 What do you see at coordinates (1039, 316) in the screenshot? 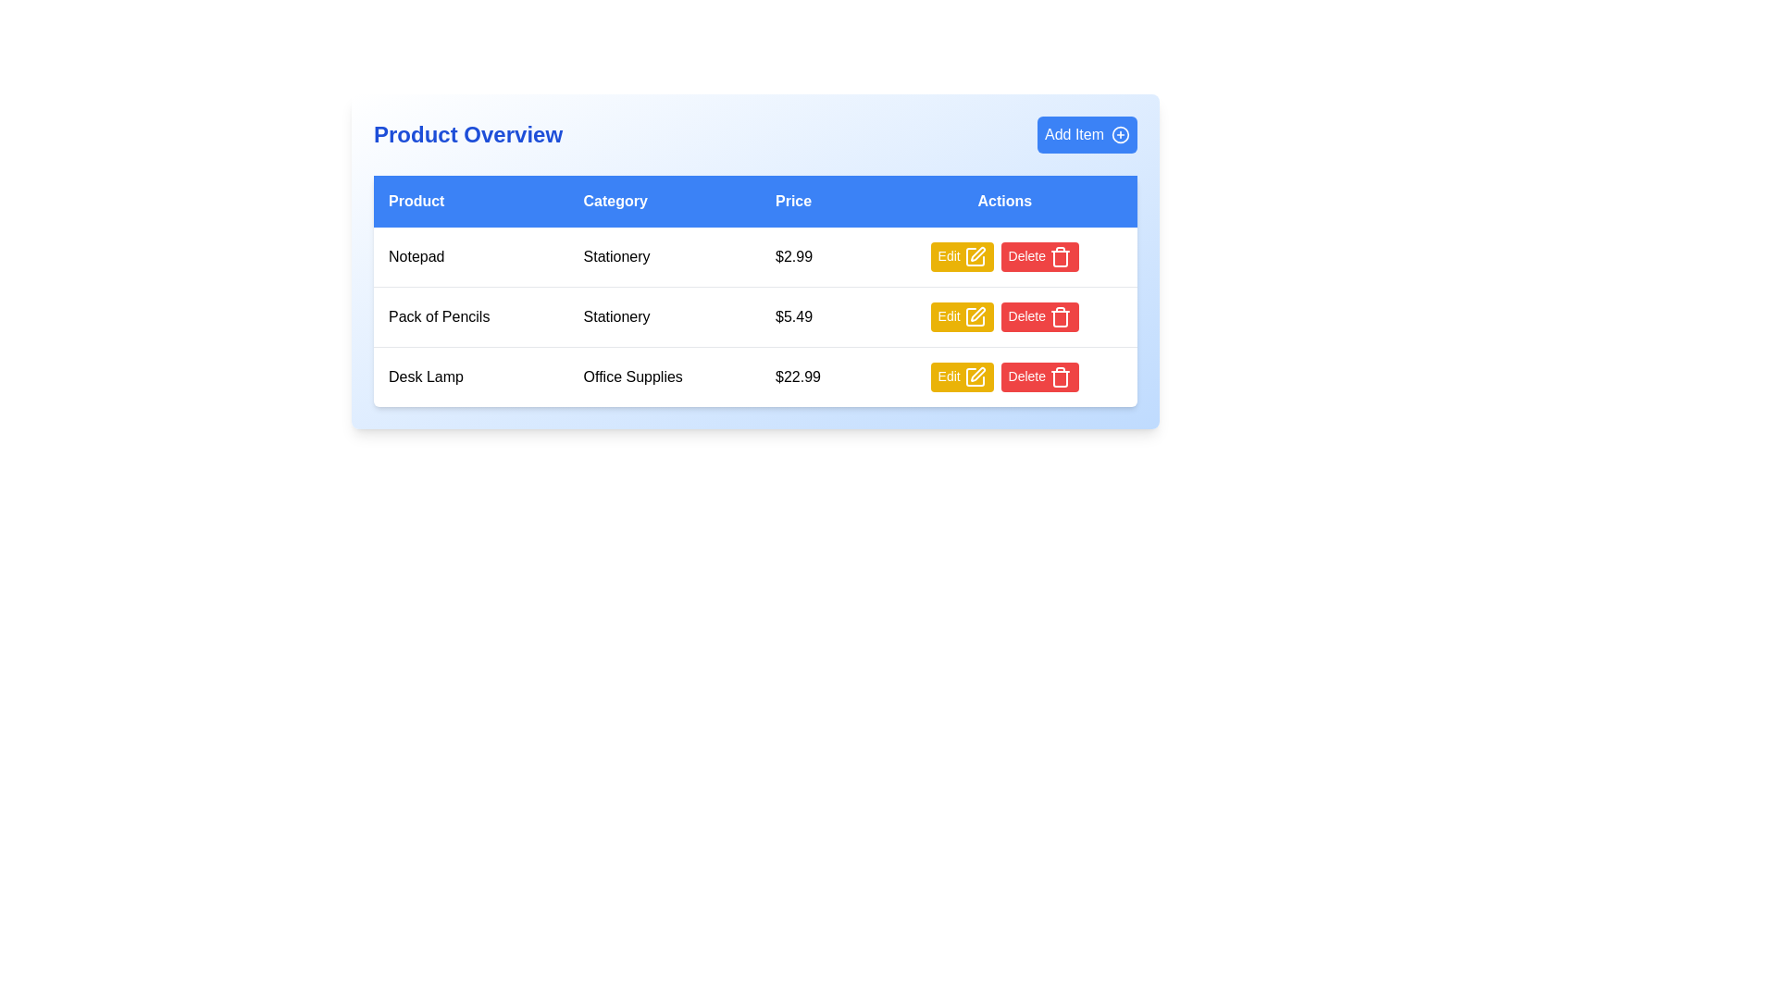
I see `the red 'Delete' button with rounded corners containing a trash can icon to initiate the delete functionality for the product 'Pack of Pencils.'` at bounding box center [1039, 316].